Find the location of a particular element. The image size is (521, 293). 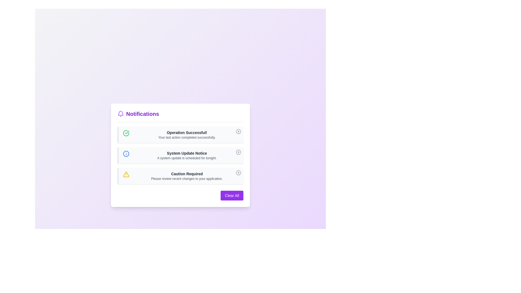

the informational icon indicating a system update located within the 'System Update Notice' notification card, positioned to the left of the notification text is located at coordinates (126, 154).